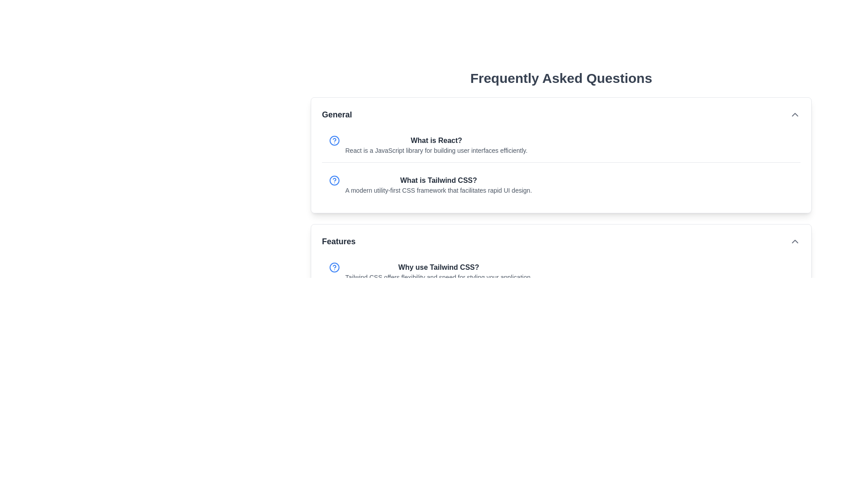 The height and width of the screenshot is (484, 861). What do you see at coordinates (795, 114) in the screenshot?
I see `the chevron-up icon located at the far right of the 'General' section header` at bounding box center [795, 114].